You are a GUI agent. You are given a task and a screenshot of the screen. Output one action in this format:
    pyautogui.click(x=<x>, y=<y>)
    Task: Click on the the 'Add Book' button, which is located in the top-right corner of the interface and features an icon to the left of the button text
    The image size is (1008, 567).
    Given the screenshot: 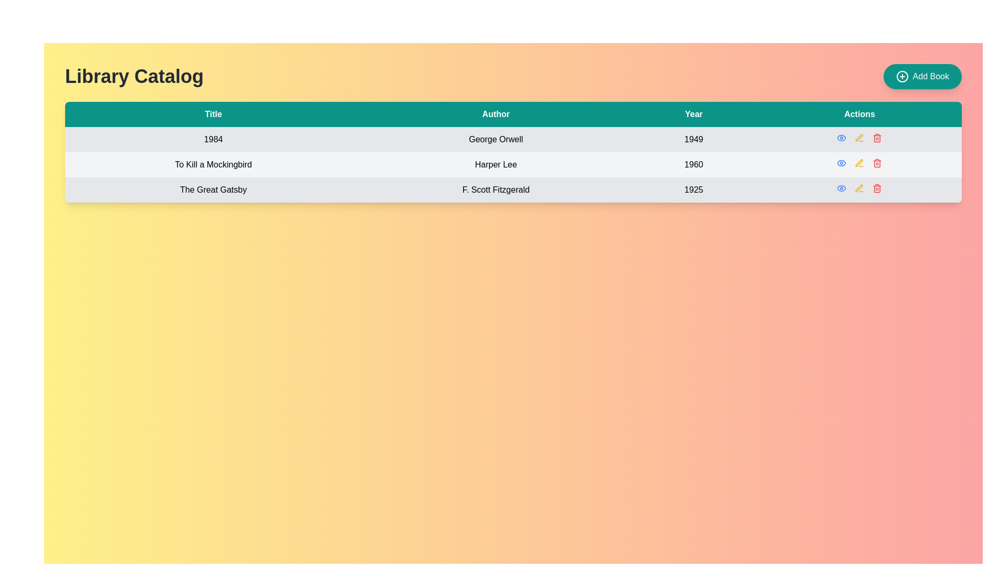 What is the action you would take?
    pyautogui.click(x=901, y=76)
    